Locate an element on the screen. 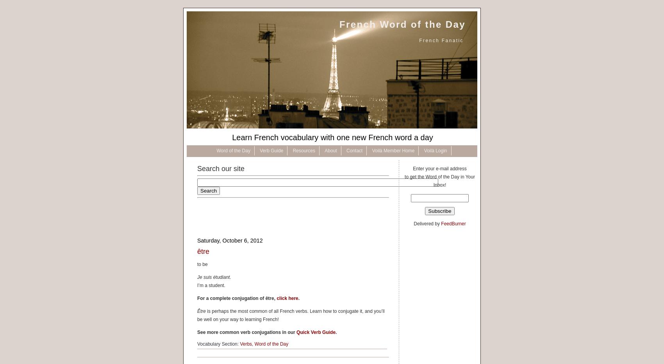 The image size is (664, 364). 'Resources' is located at coordinates (292, 150).